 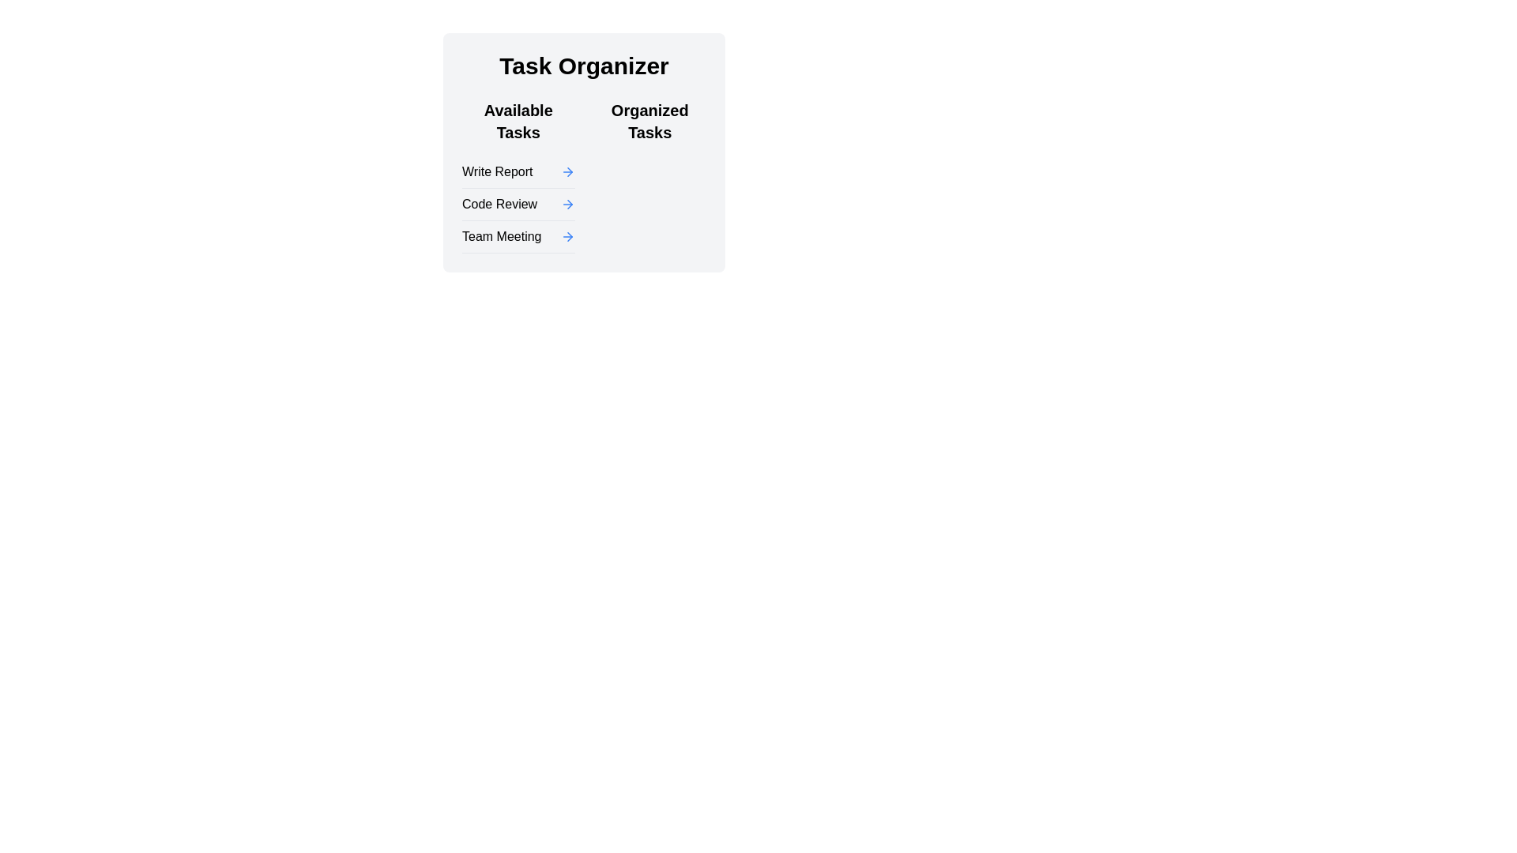 I want to click on the 'Write Report' task item in the 'Available Tasks' list, so click(x=518, y=172).